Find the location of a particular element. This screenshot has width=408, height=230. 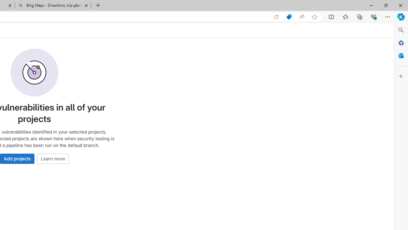

'Microsoft 365' is located at coordinates (401, 42).